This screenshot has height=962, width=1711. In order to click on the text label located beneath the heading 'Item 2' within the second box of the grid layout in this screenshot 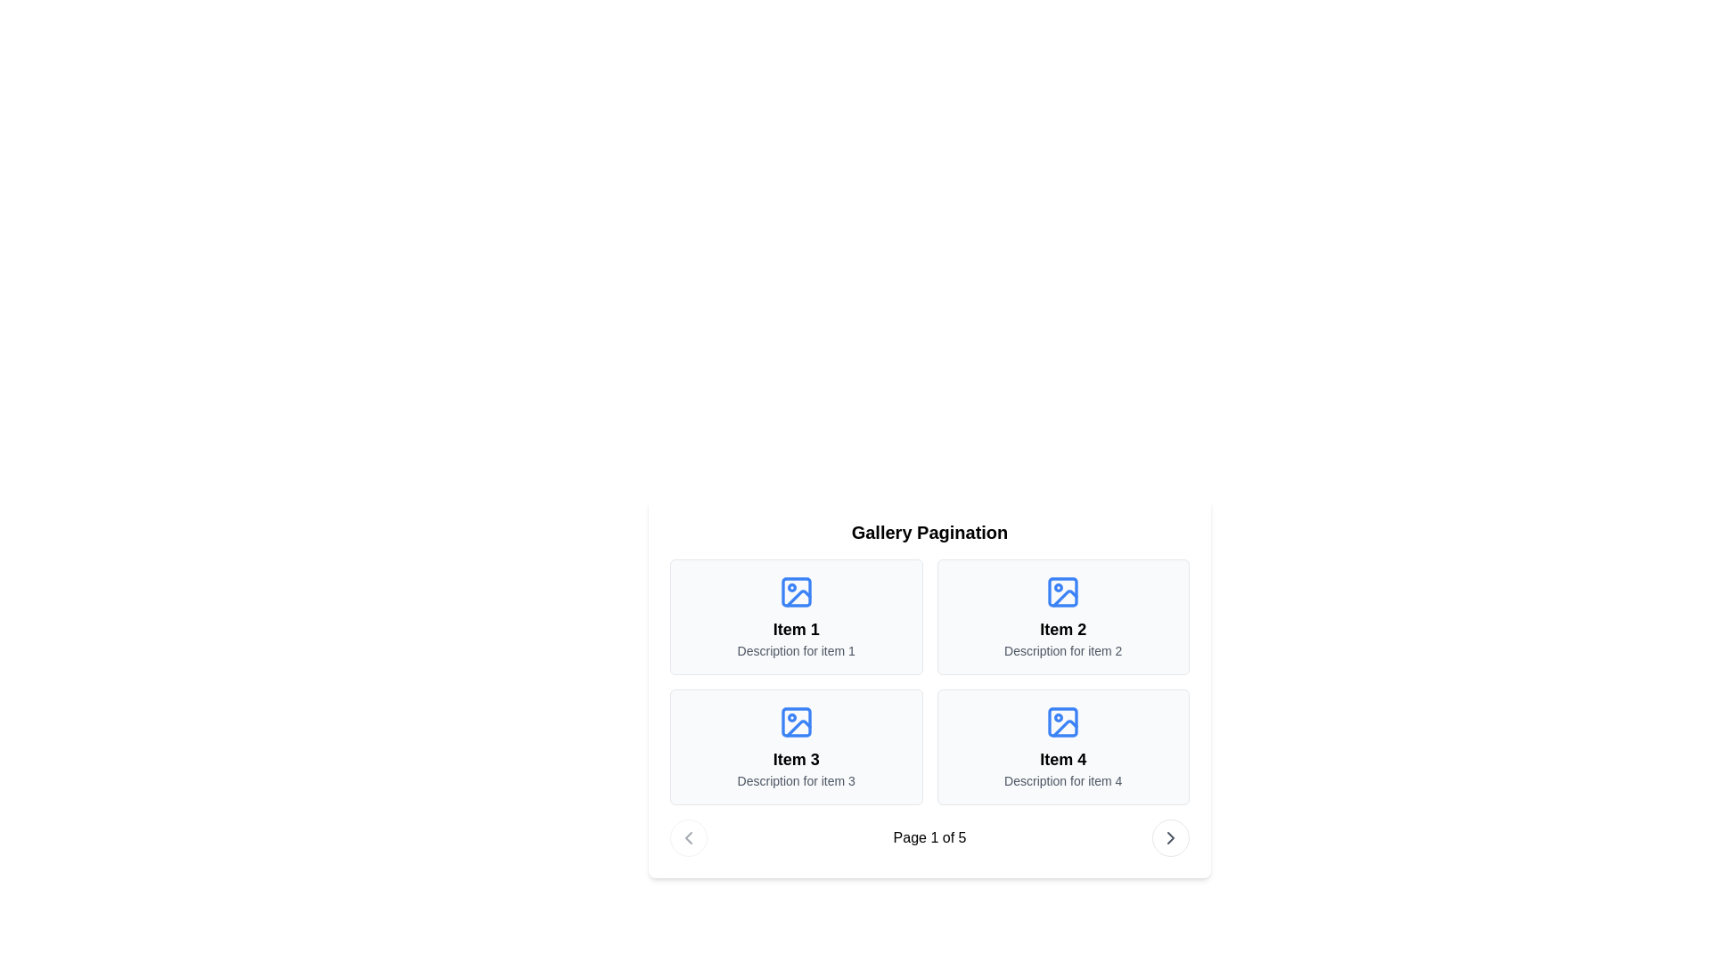, I will do `click(1063, 651)`.